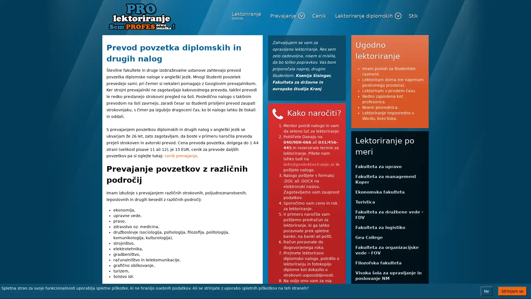 The width and height of the screenshot is (531, 299). What do you see at coordinates (486, 291) in the screenshot?
I see `Ne` at bounding box center [486, 291].